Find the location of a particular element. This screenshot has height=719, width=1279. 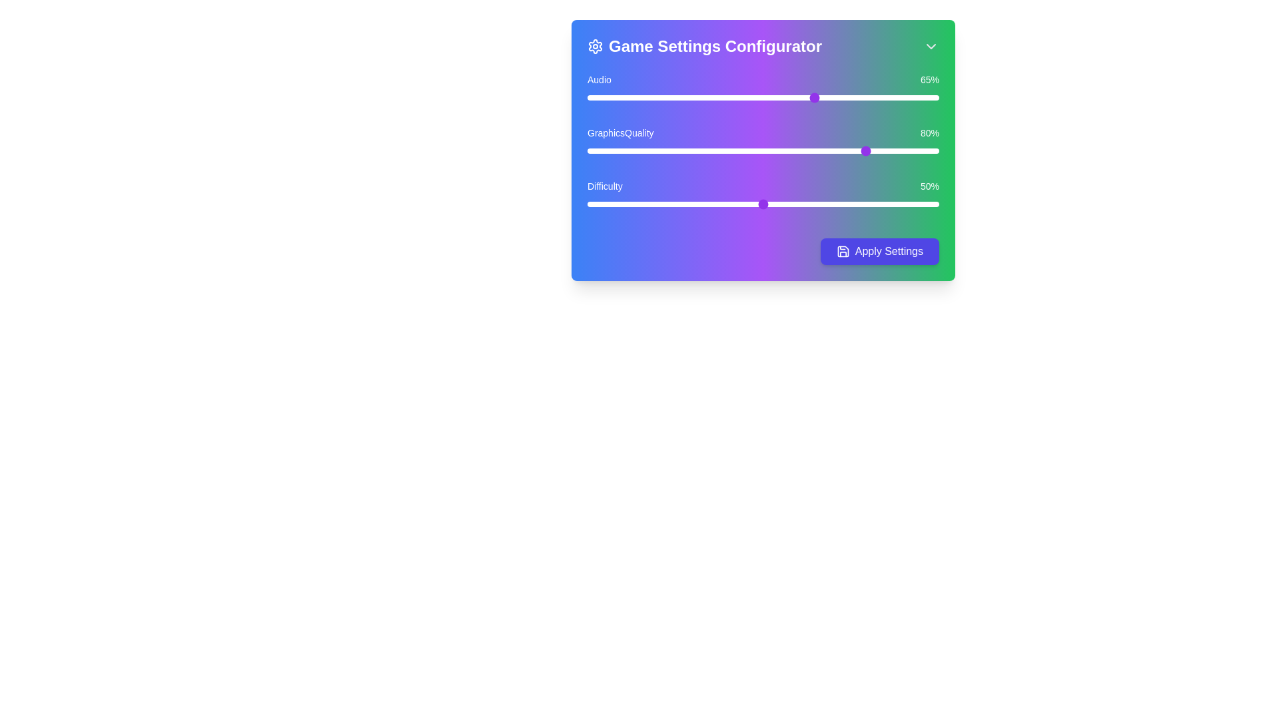

the audio volume is located at coordinates (661, 97).